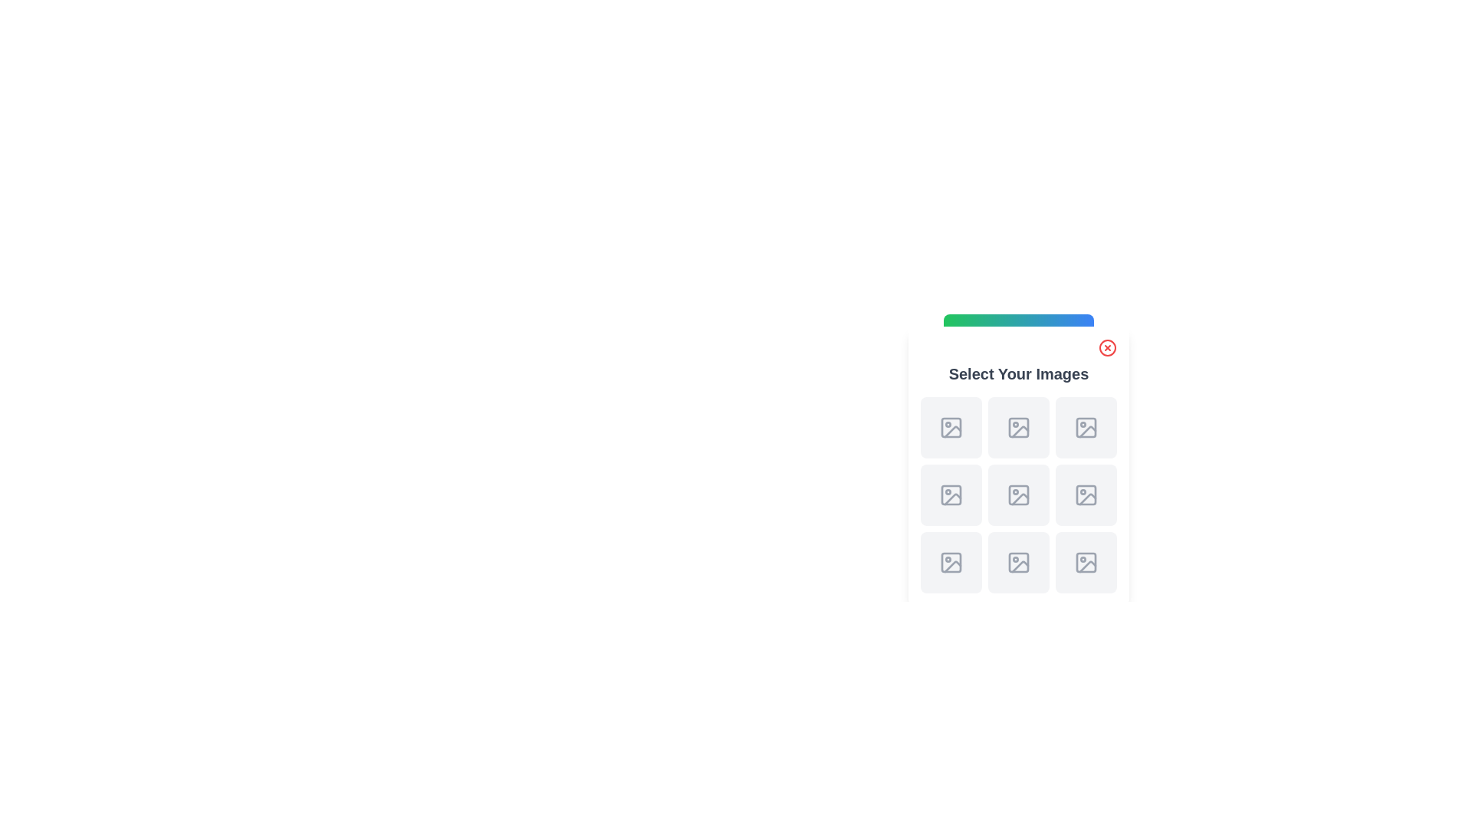 The width and height of the screenshot is (1472, 828). I want to click on the Icon Placeholder located in the second row, second column of a 3x3 grid layout, so click(951, 495).